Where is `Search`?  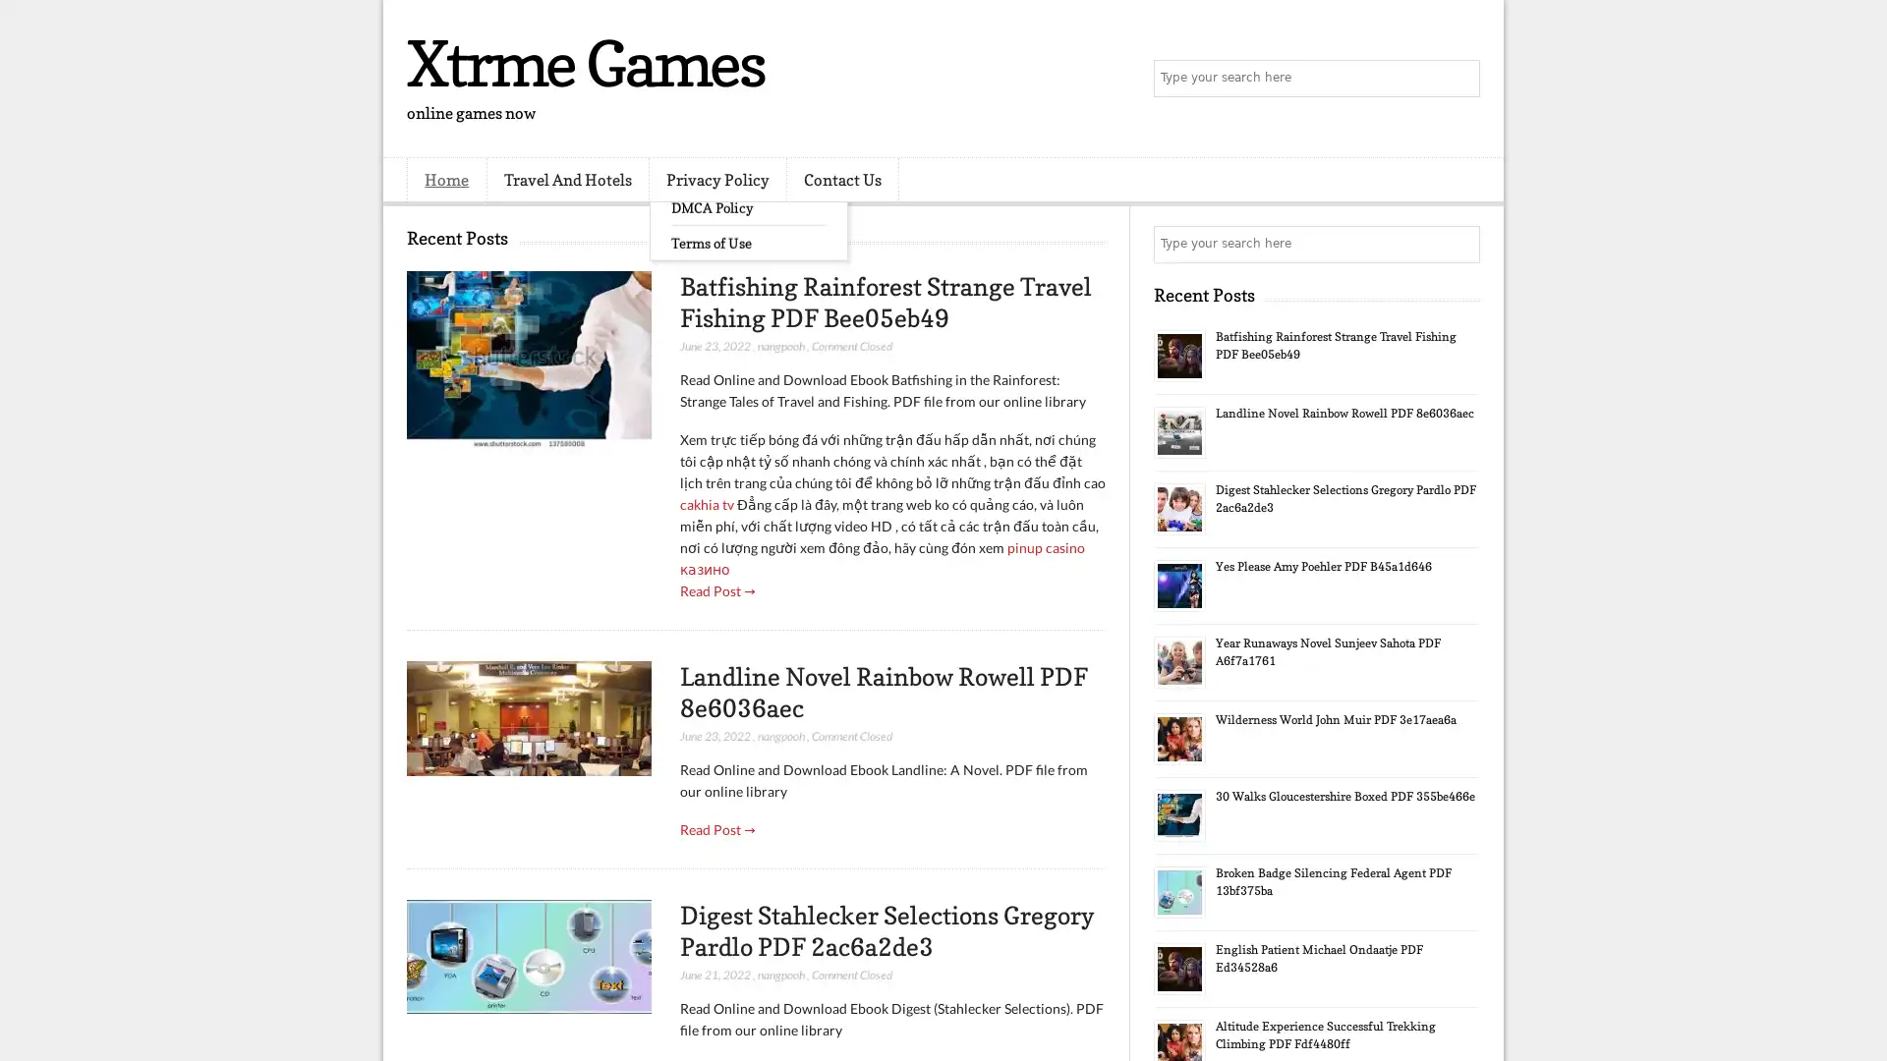
Search is located at coordinates (1459, 79).